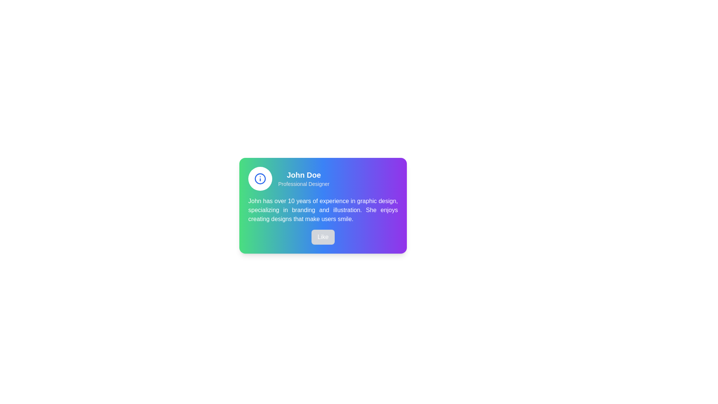 This screenshot has height=404, width=718. Describe the element at coordinates (323, 210) in the screenshot. I see `text displayed in white font about 'John,' which details their professional experience in graphic design, branding, and illustration, located centrally within the card layout` at that location.